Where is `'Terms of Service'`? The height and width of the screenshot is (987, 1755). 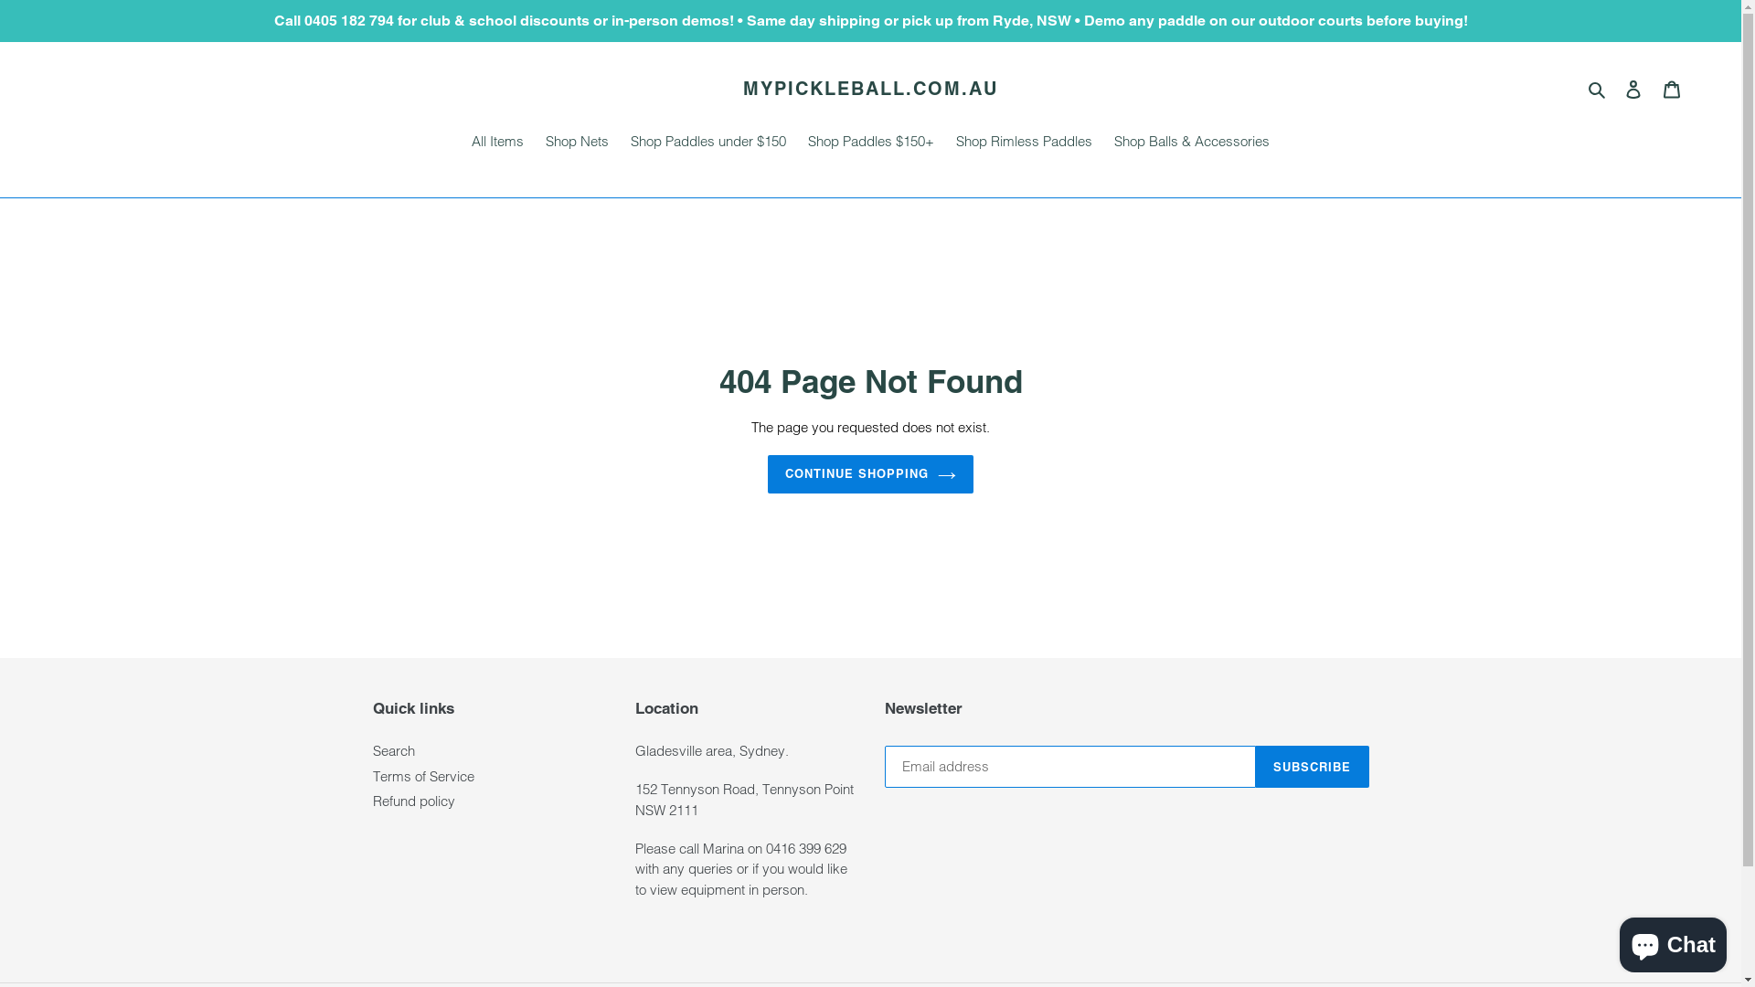
'Terms of Service' is located at coordinates (422, 776).